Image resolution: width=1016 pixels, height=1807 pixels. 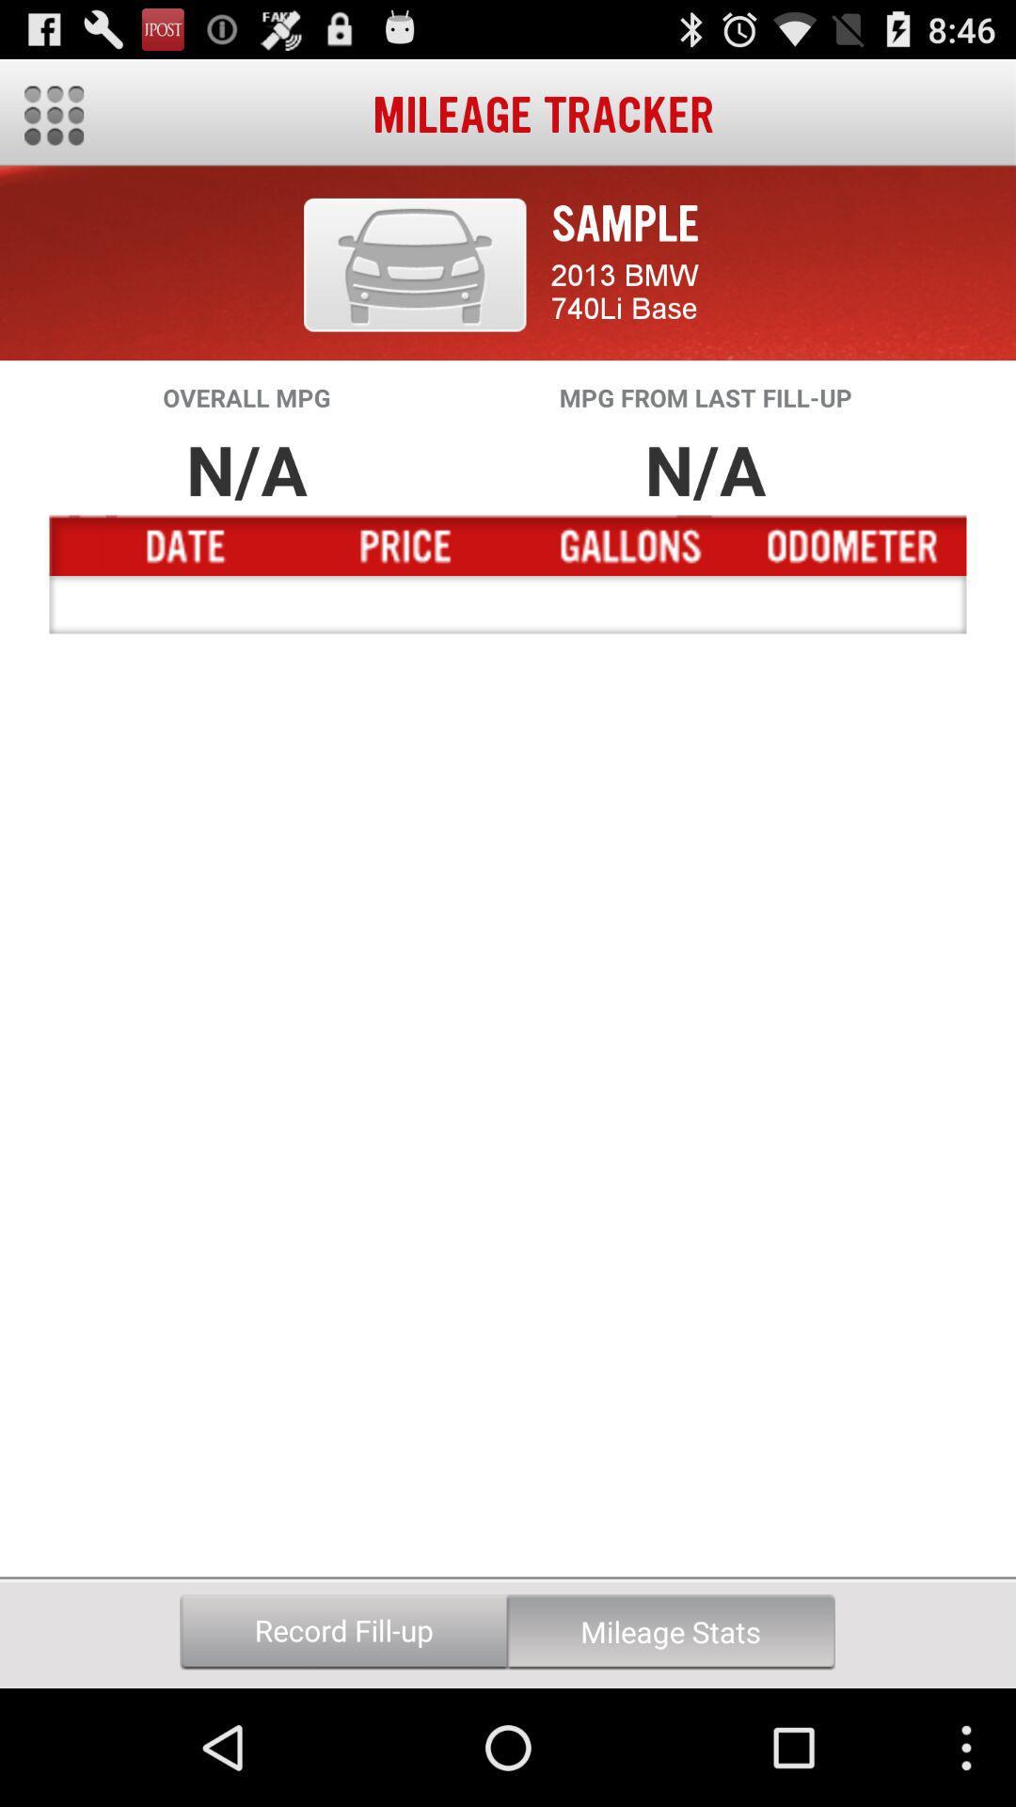 I want to click on menu, so click(x=53, y=115).